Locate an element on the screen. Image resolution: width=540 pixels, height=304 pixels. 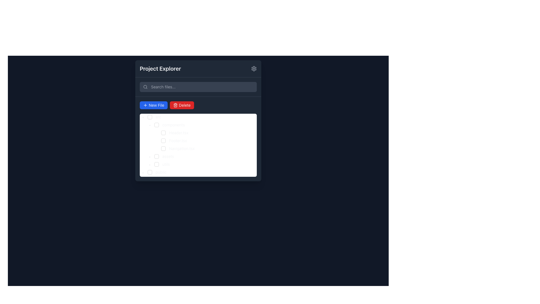
the checkbox of the Tree item labeled 'assets' in the Project Explorer panel is located at coordinates (157, 156).